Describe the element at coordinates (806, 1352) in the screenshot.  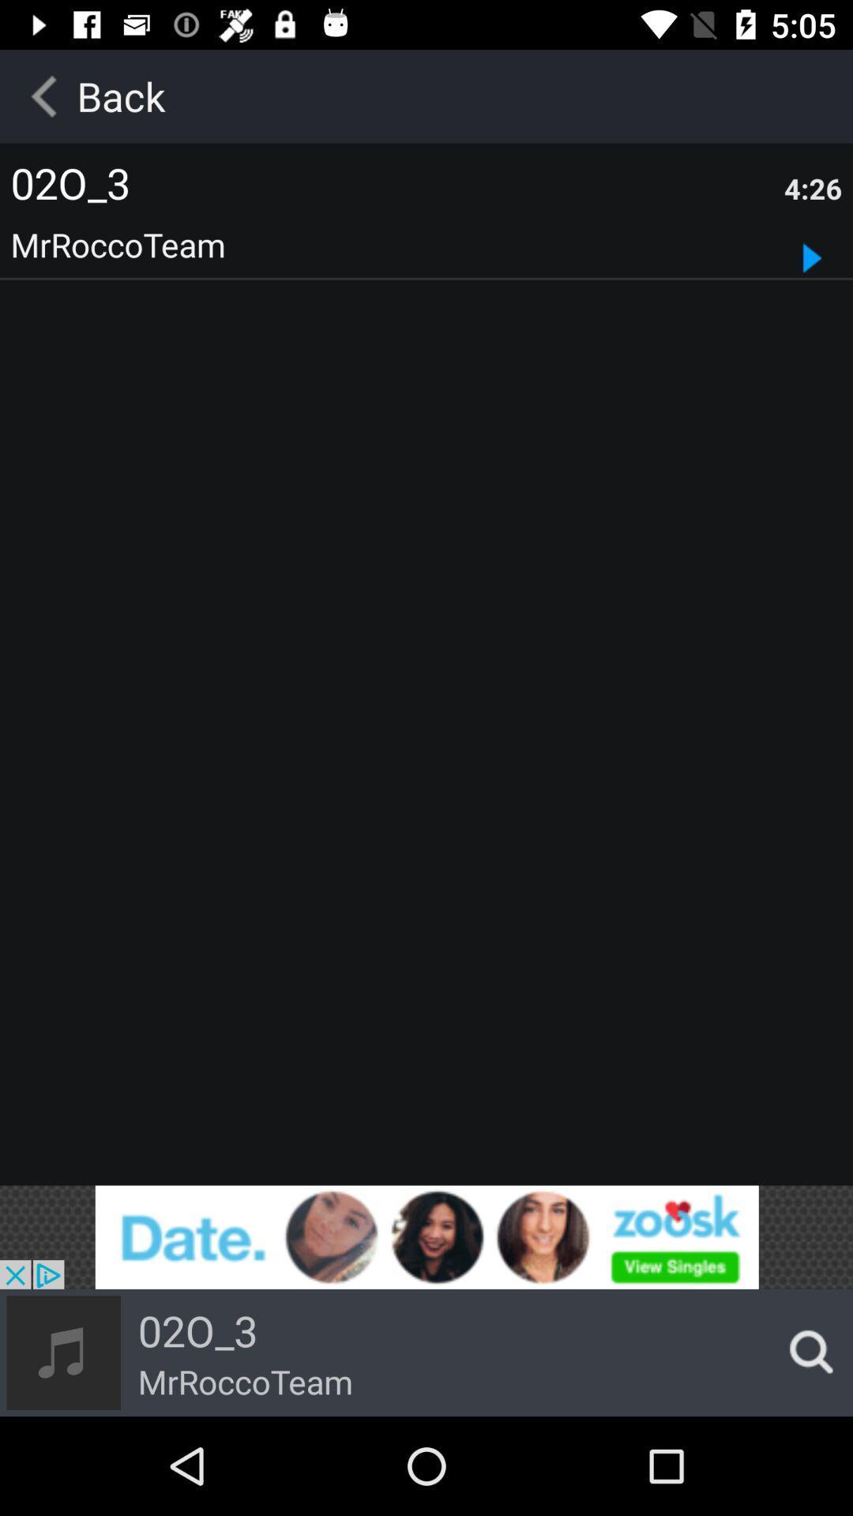
I see `the search` at that location.